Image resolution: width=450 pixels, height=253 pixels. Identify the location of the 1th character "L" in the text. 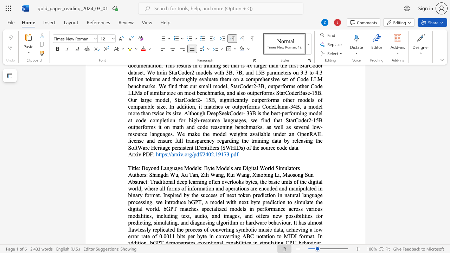
(162, 168).